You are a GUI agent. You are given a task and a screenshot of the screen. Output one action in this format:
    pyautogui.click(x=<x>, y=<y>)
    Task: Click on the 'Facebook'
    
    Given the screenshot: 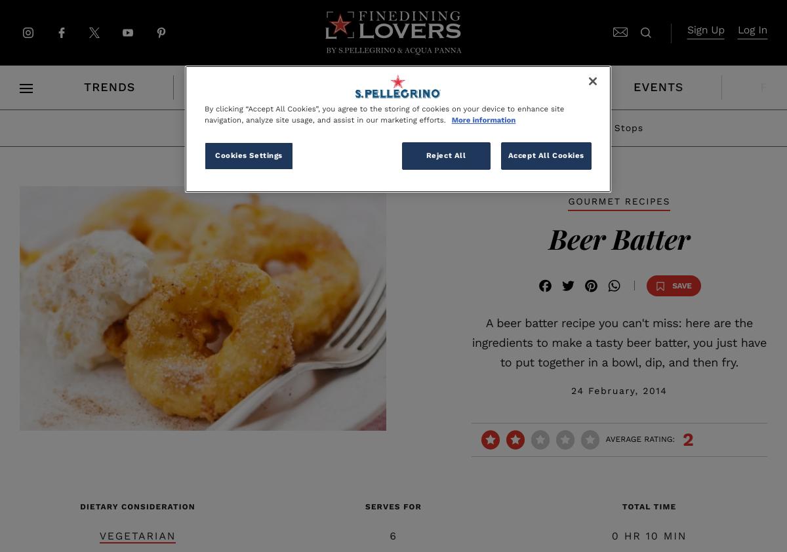 What is the action you would take?
    pyautogui.click(x=558, y=306)
    